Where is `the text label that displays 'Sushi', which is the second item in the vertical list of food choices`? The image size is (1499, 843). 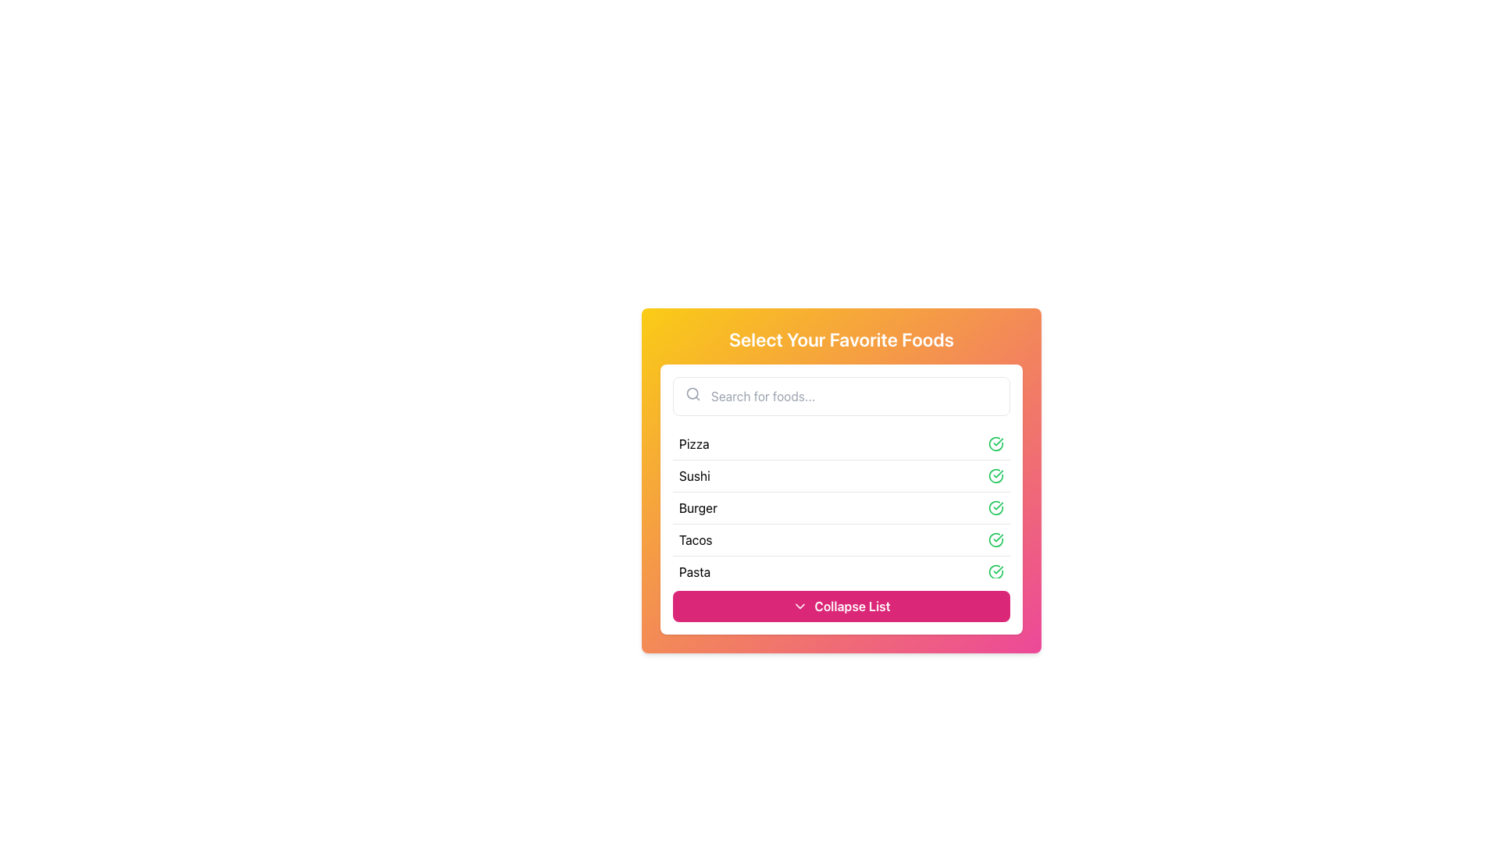
the text label that displays 'Sushi', which is the second item in the vertical list of food choices is located at coordinates (693, 475).